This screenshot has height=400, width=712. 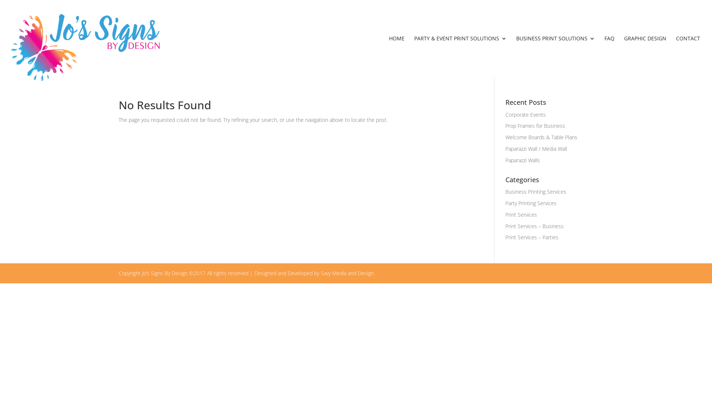 What do you see at coordinates (535, 191) in the screenshot?
I see `'Business Printing Services'` at bounding box center [535, 191].